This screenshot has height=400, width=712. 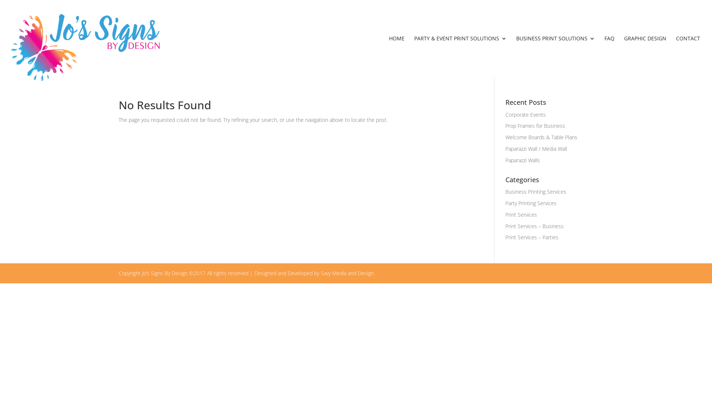 What do you see at coordinates (535, 191) in the screenshot?
I see `'Business Printing Services'` at bounding box center [535, 191].